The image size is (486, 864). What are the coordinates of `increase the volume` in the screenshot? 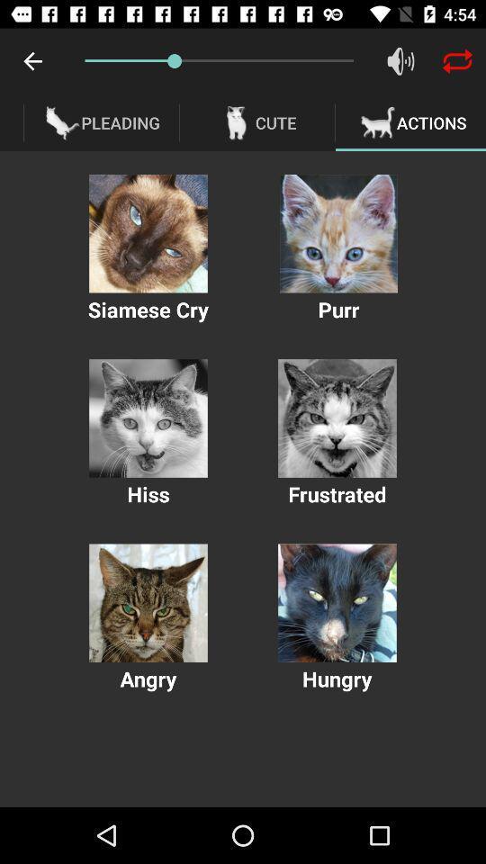 It's located at (400, 61).